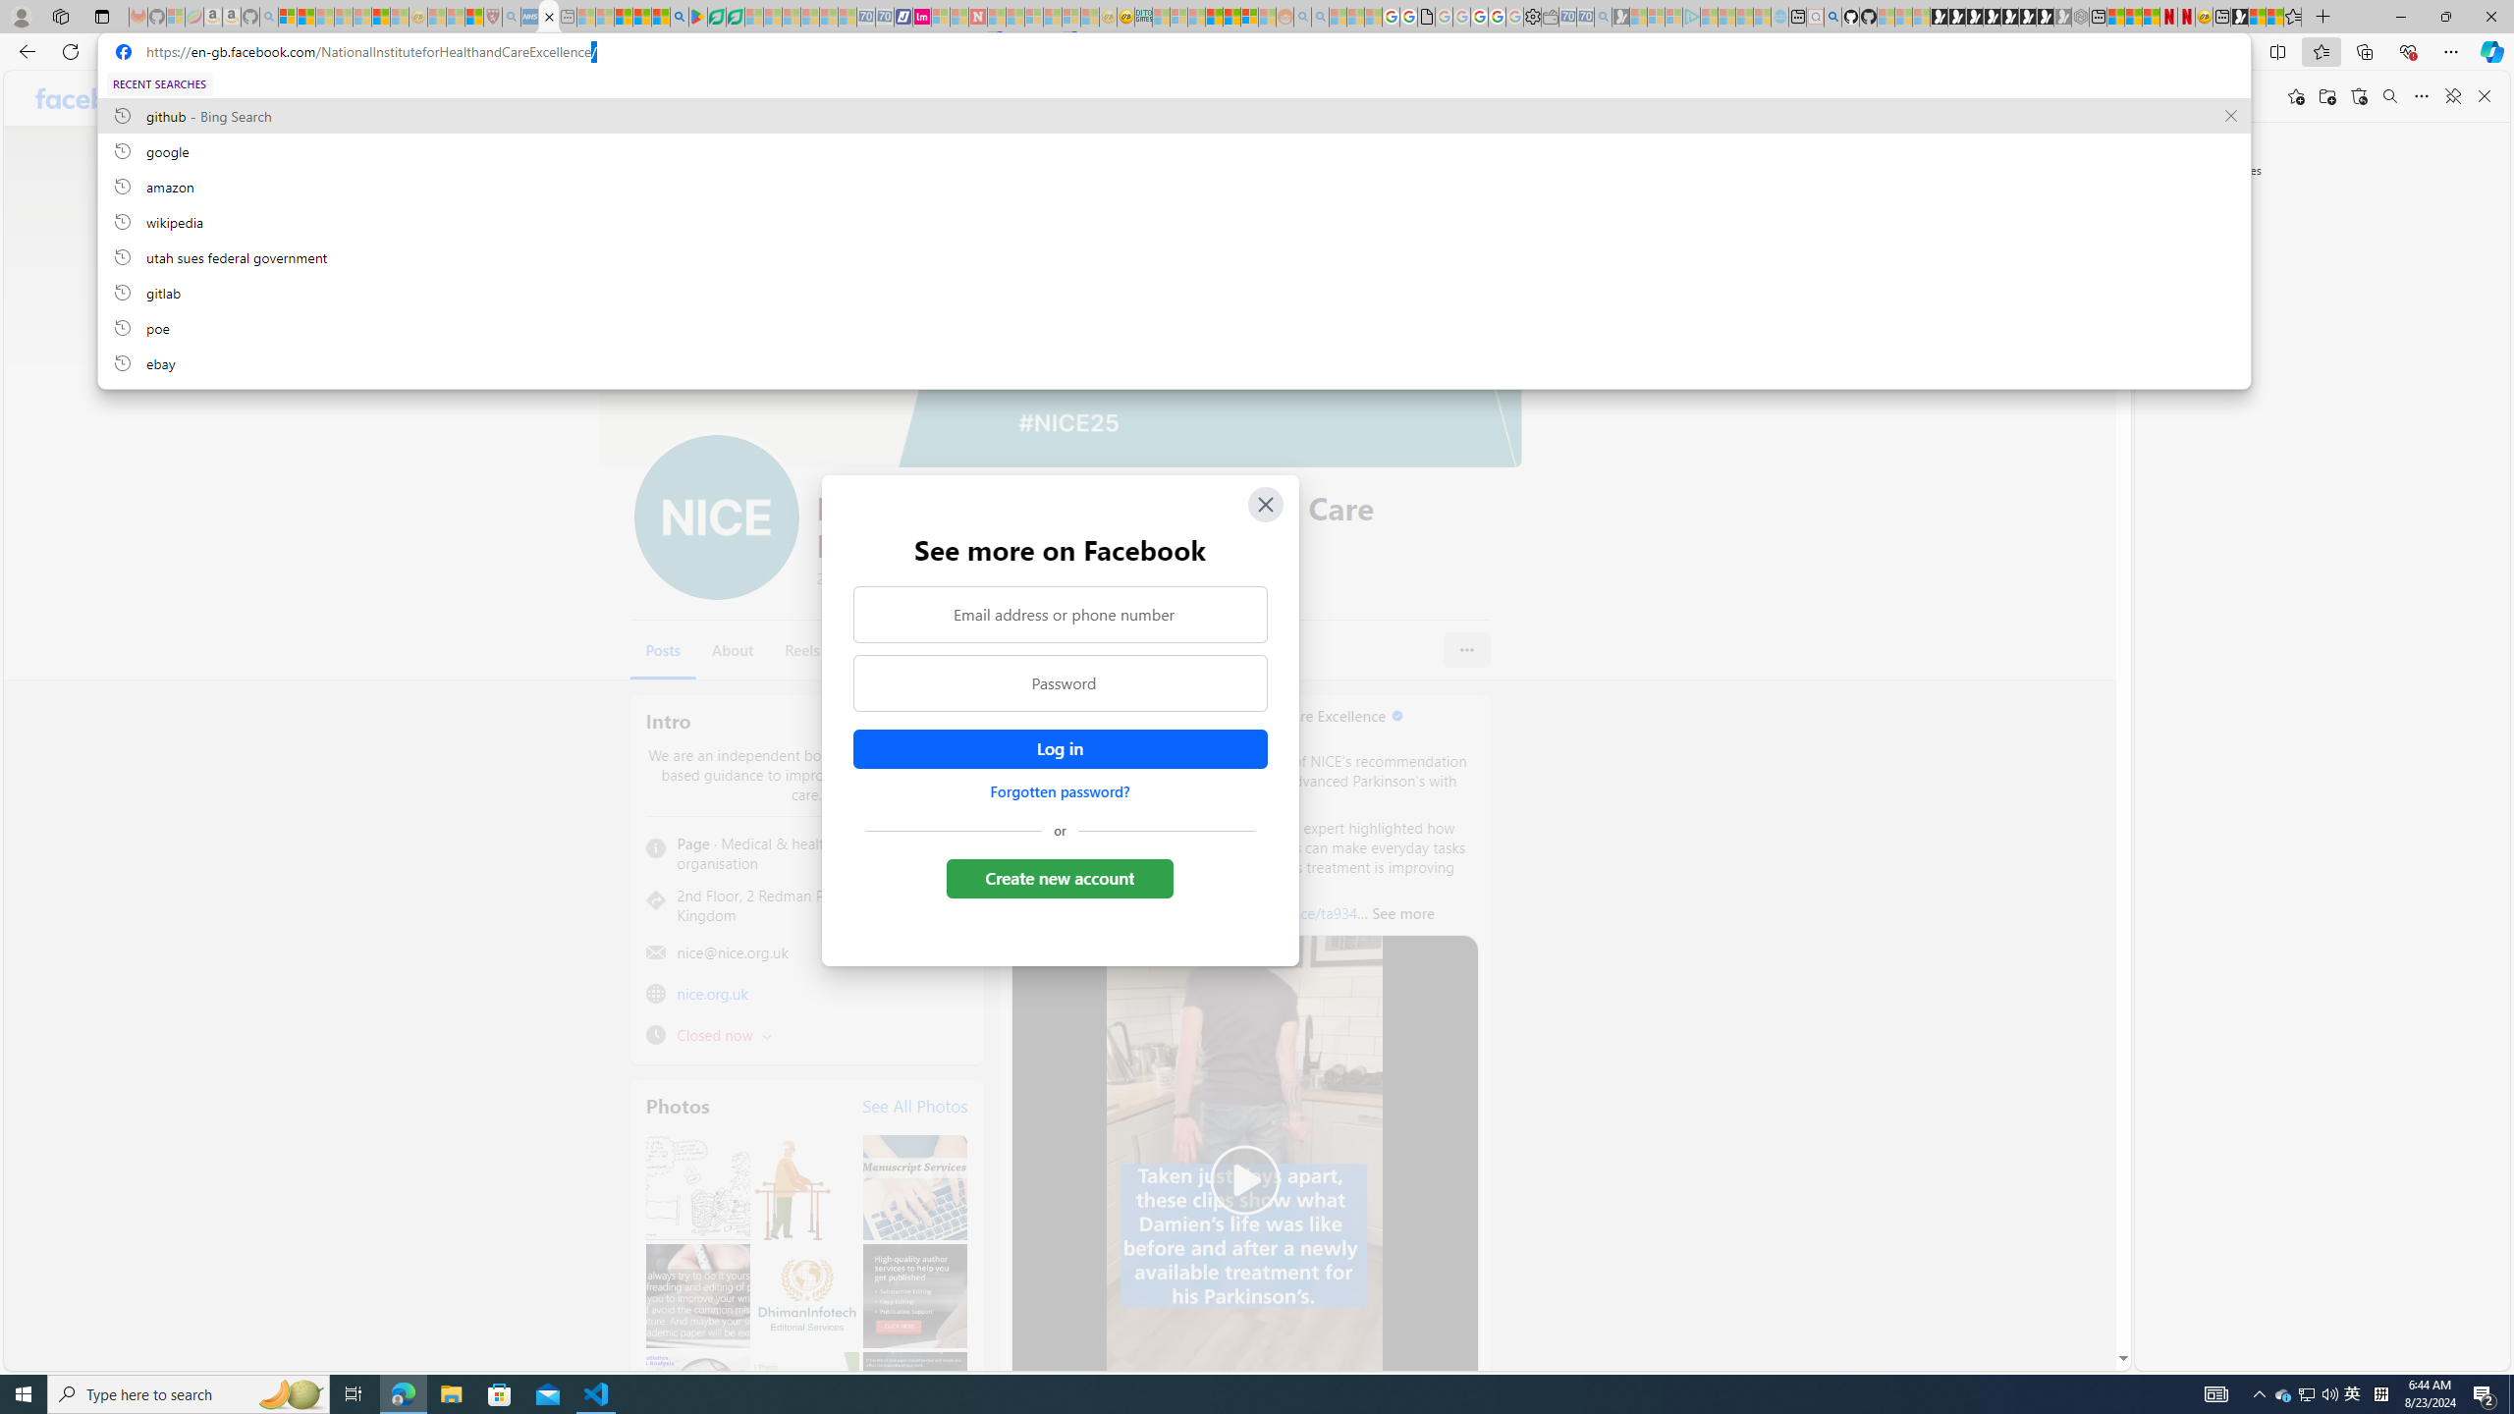 The height and width of the screenshot is (1414, 2514). I want to click on 'Search favorites', so click(2389, 94).